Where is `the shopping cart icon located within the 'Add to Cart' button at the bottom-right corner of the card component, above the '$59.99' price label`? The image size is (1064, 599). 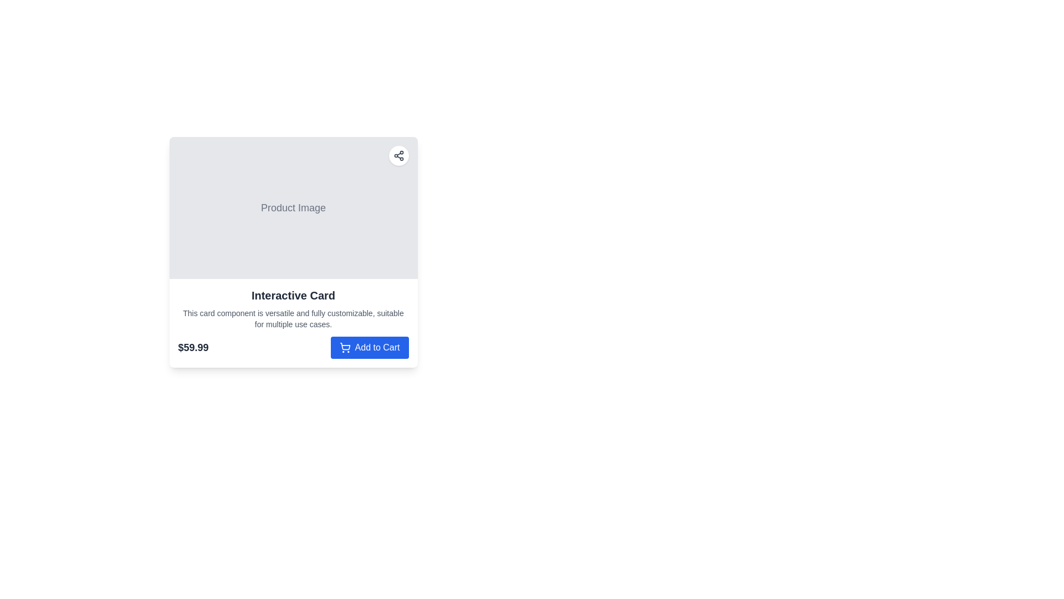
the shopping cart icon located within the 'Add to Cart' button at the bottom-right corner of the card component, above the '$59.99' price label is located at coordinates (344, 346).